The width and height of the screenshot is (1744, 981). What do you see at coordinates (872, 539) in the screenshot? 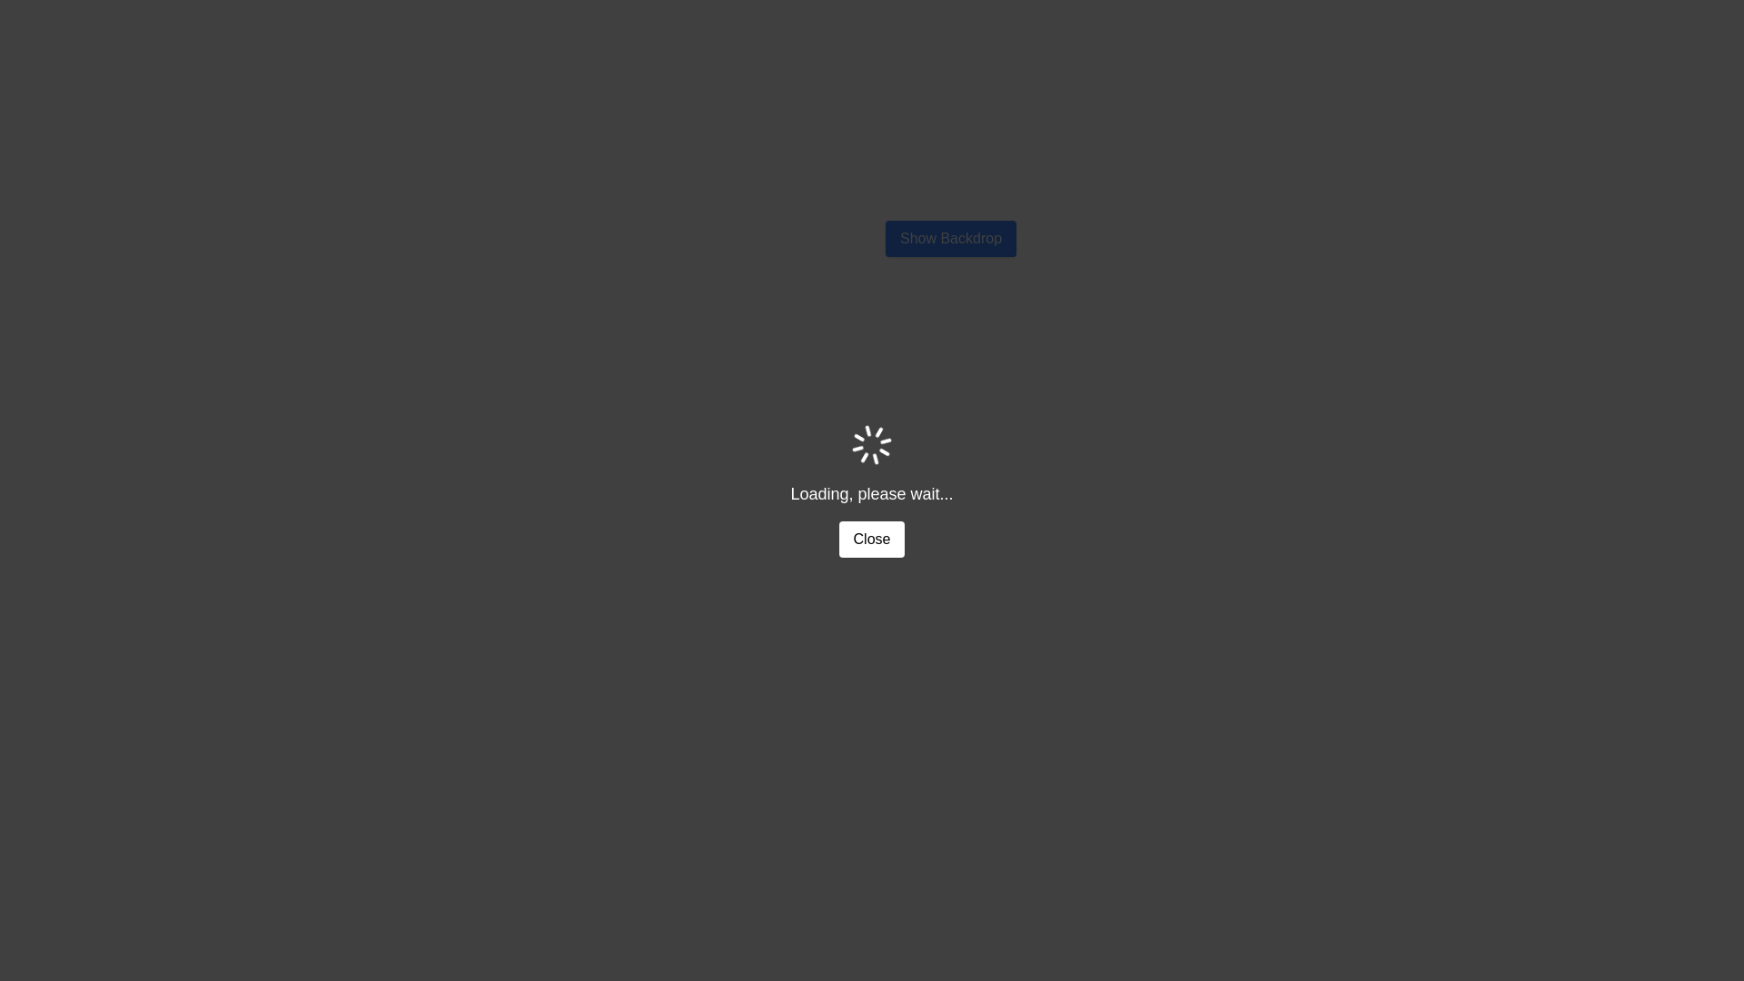
I see `the 'Close' button, which is a rectangular button with rounded corners and black text on a white background` at bounding box center [872, 539].